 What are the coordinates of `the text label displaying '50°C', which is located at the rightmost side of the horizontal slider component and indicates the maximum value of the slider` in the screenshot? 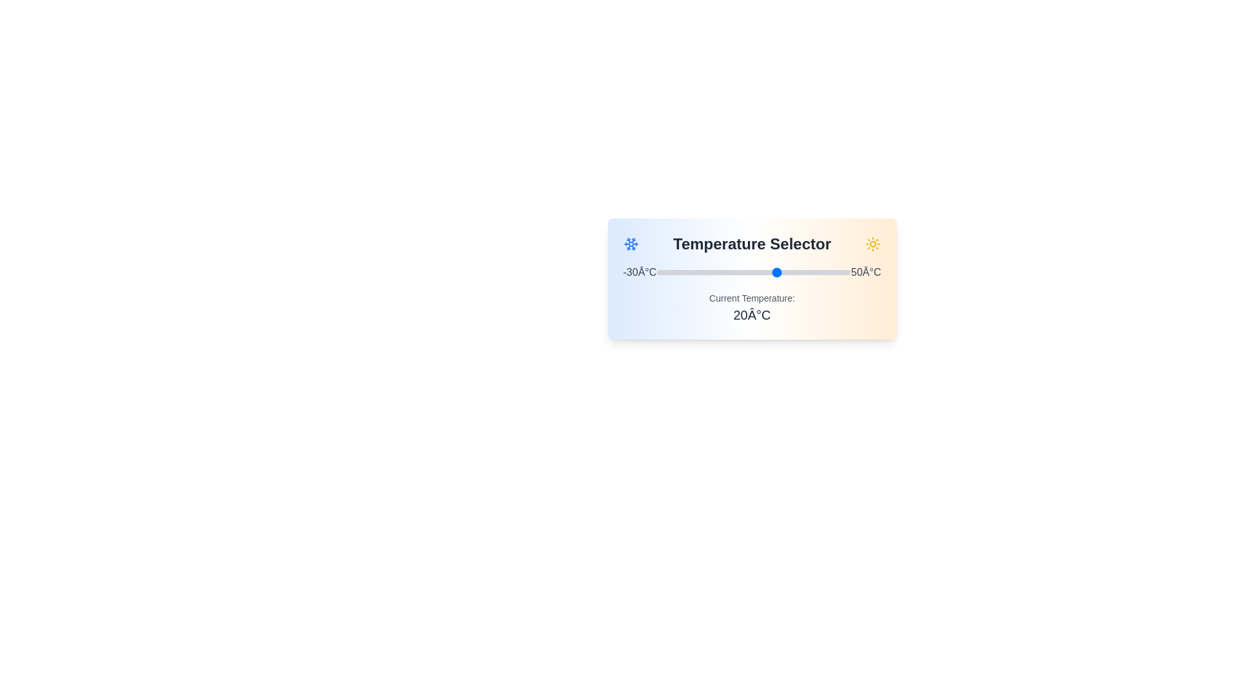 It's located at (866, 272).